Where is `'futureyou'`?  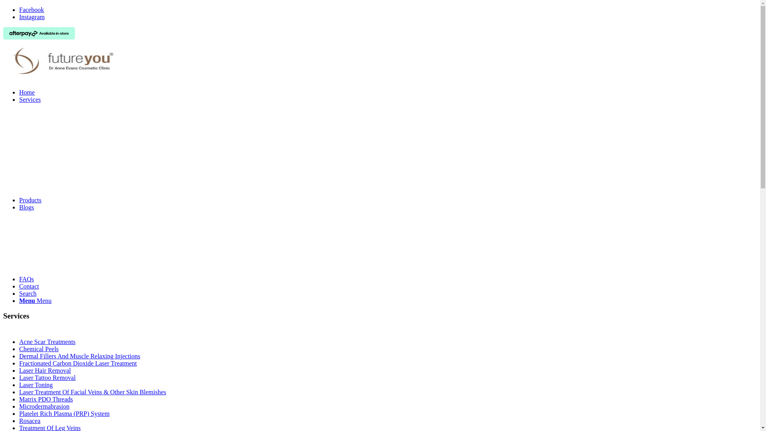
'futureyou' is located at coordinates (63, 61).